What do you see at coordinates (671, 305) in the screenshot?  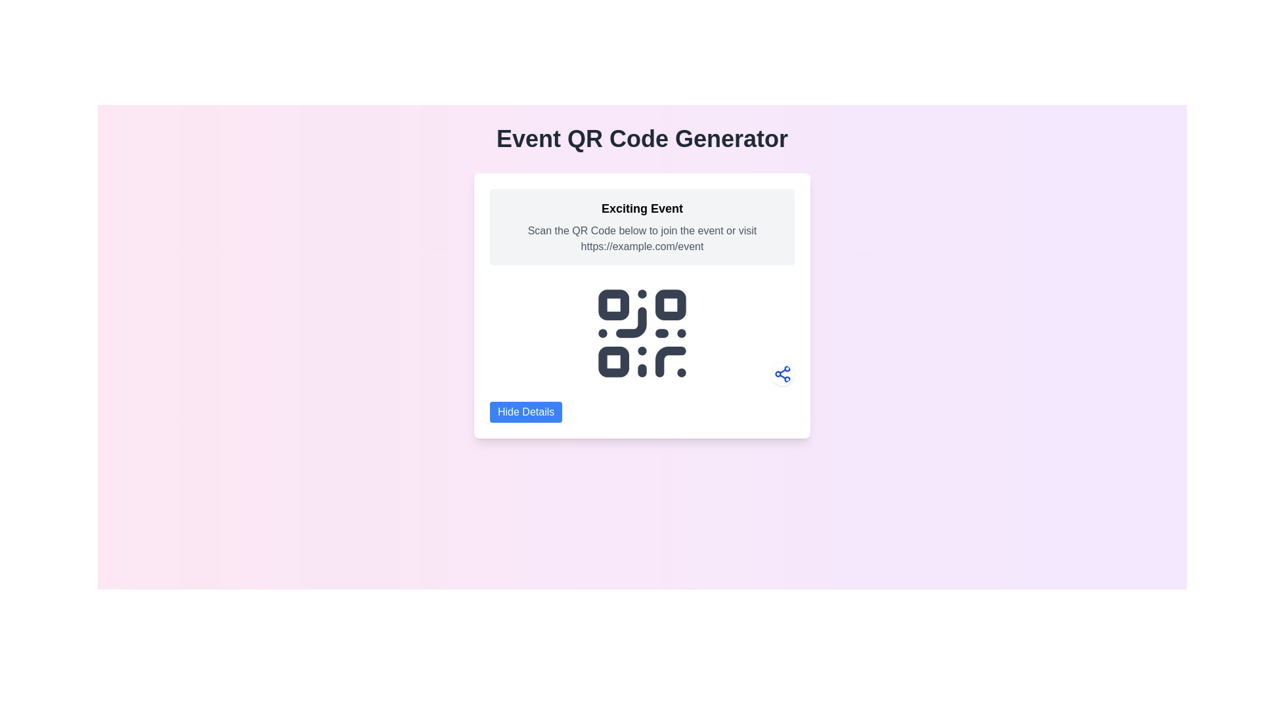 I see `the second small square from the left in the top row of the QR code graphic, which is visually aligned to the right of the top-left square` at bounding box center [671, 305].